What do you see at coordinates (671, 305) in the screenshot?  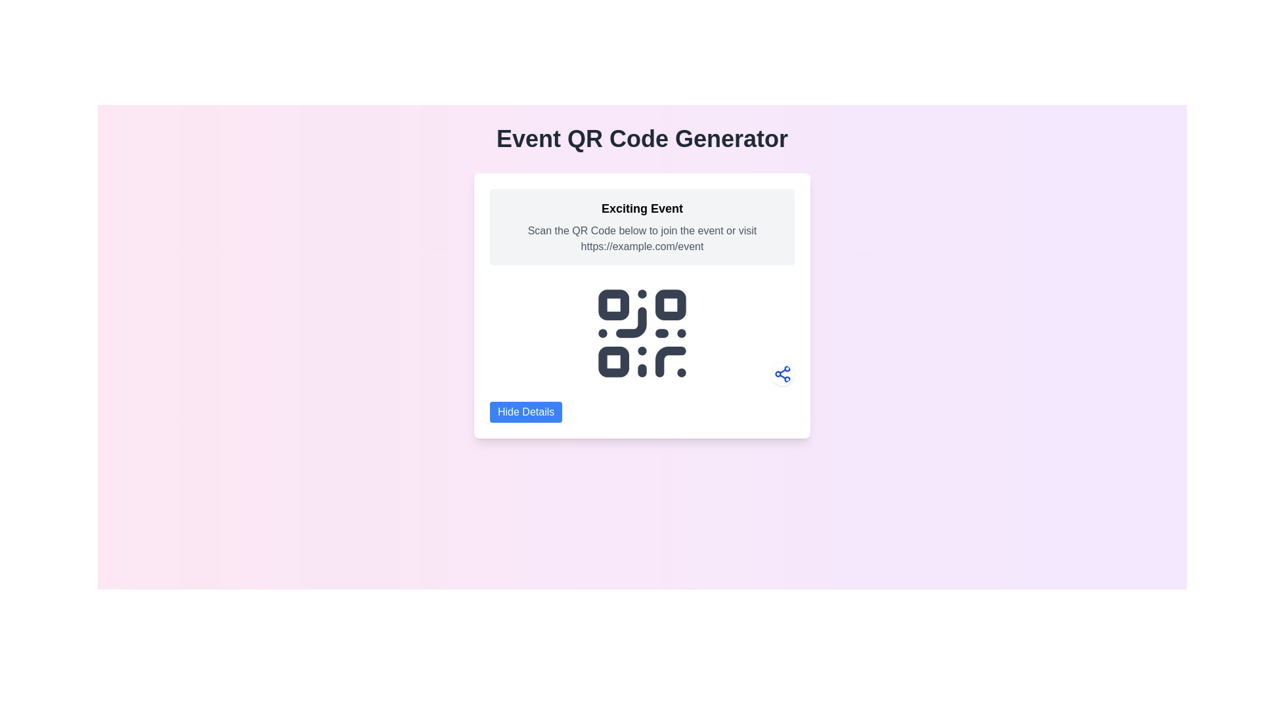 I see `the second small square from the left in the top row of the QR code graphic, which is visually aligned to the right of the top-left square` at bounding box center [671, 305].